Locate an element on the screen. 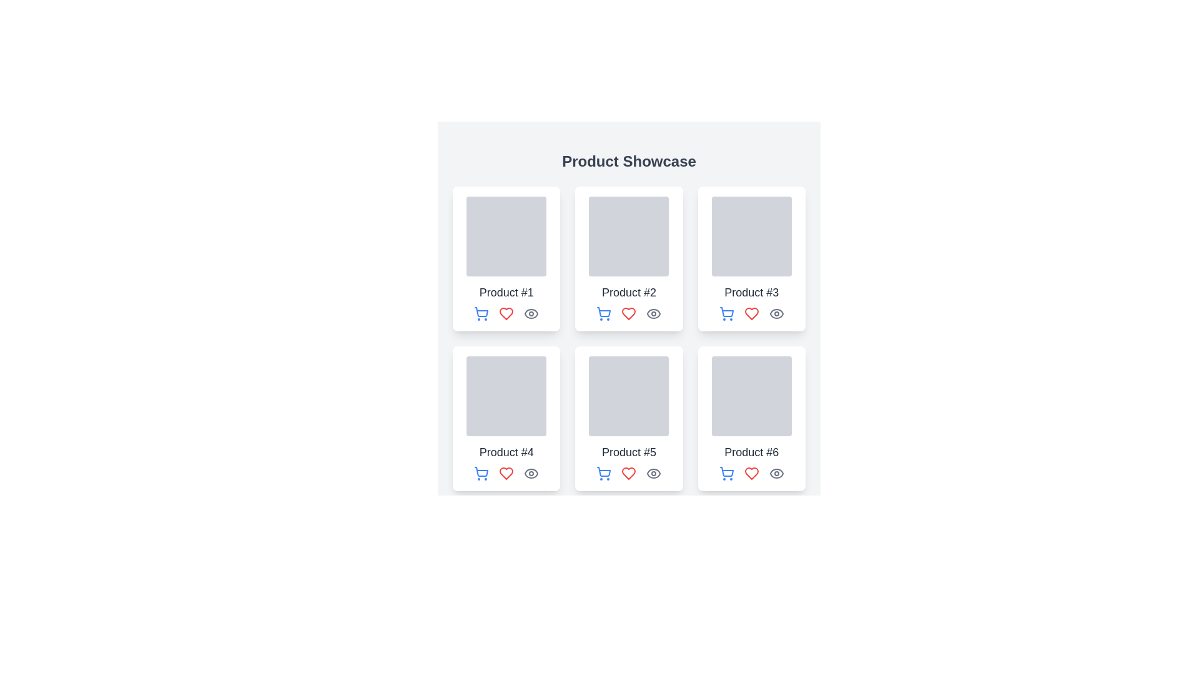  the heart icon button at the bottom of 'Product #6' card to mark the product as favorite is located at coordinates (751, 474).